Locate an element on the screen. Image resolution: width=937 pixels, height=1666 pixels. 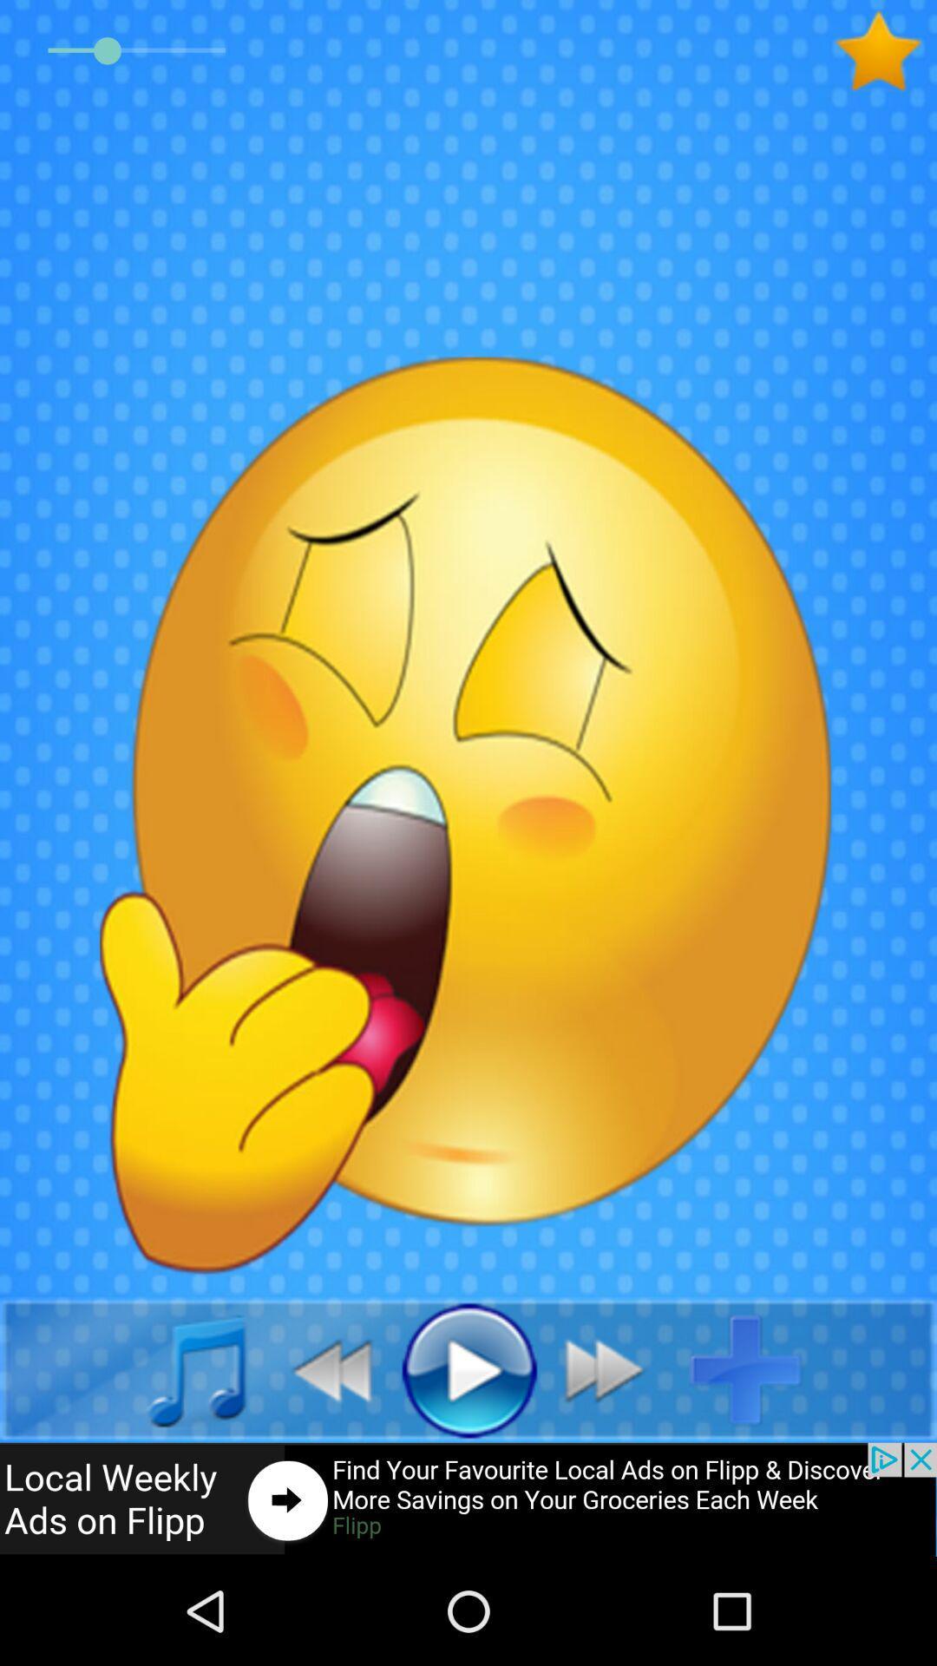
see advertisement is located at coordinates (468, 1499).